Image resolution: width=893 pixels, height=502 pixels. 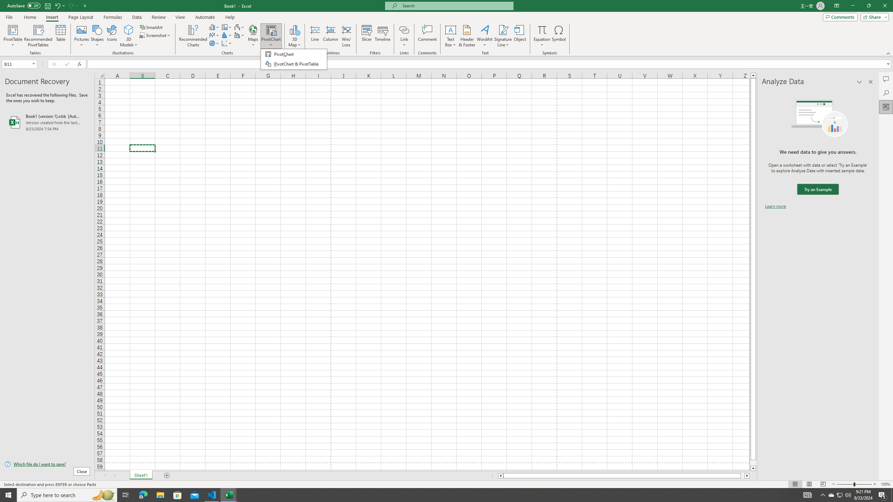 What do you see at coordinates (193, 36) in the screenshot?
I see `'Recommended Charts'` at bounding box center [193, 36].